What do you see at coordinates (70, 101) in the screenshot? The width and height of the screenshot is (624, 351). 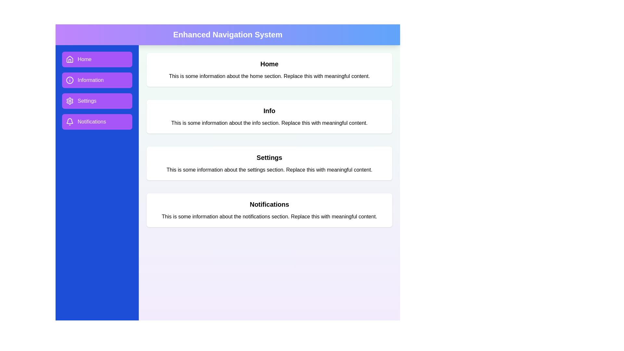 I see `the gear-like settings icon located within the purple 'Settings' button in the vertical navigation menu for accessibility purposes` at bounding box center [70, 101].